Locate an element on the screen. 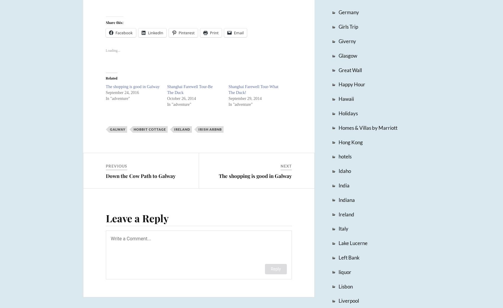  'Hobbit Cottage' is located at coordinates (149, 129).